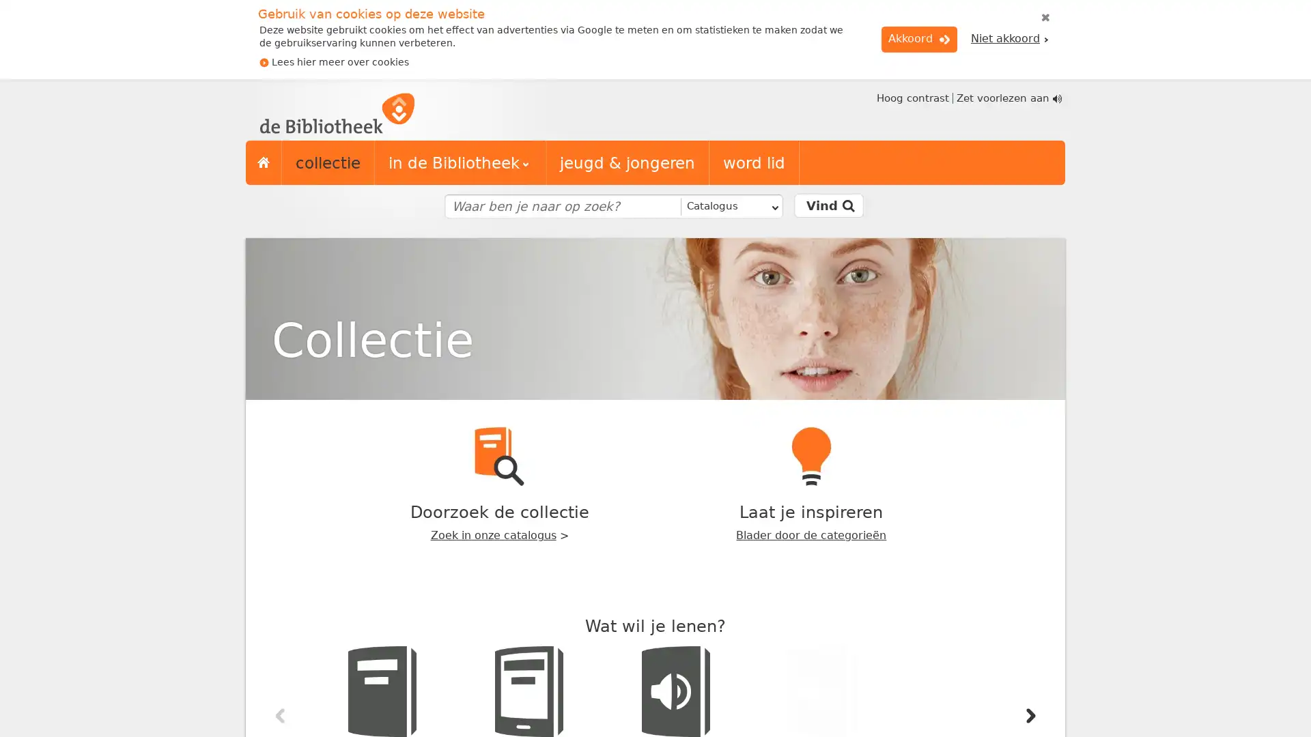 This screenshot has height=737, width=1311. What do you see at coordinates (828, 205) in the screenshot?
I see `Vind` at bounding box center [828, 205].